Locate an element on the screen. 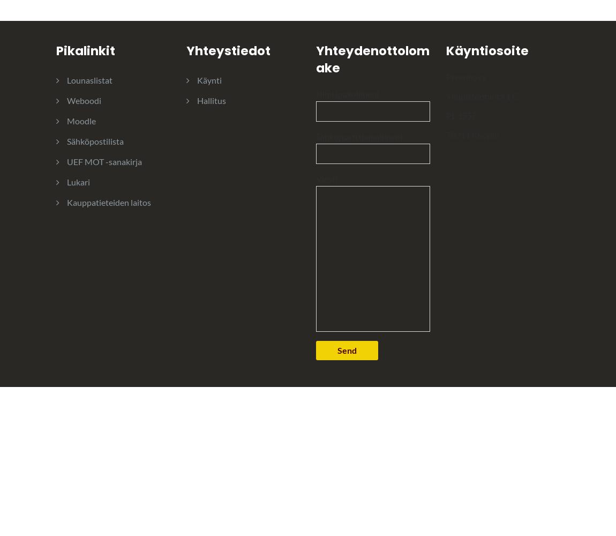 The image size is (616, 536). 'UEF MOT -sanakirja' is located at coordinates (66, 161).